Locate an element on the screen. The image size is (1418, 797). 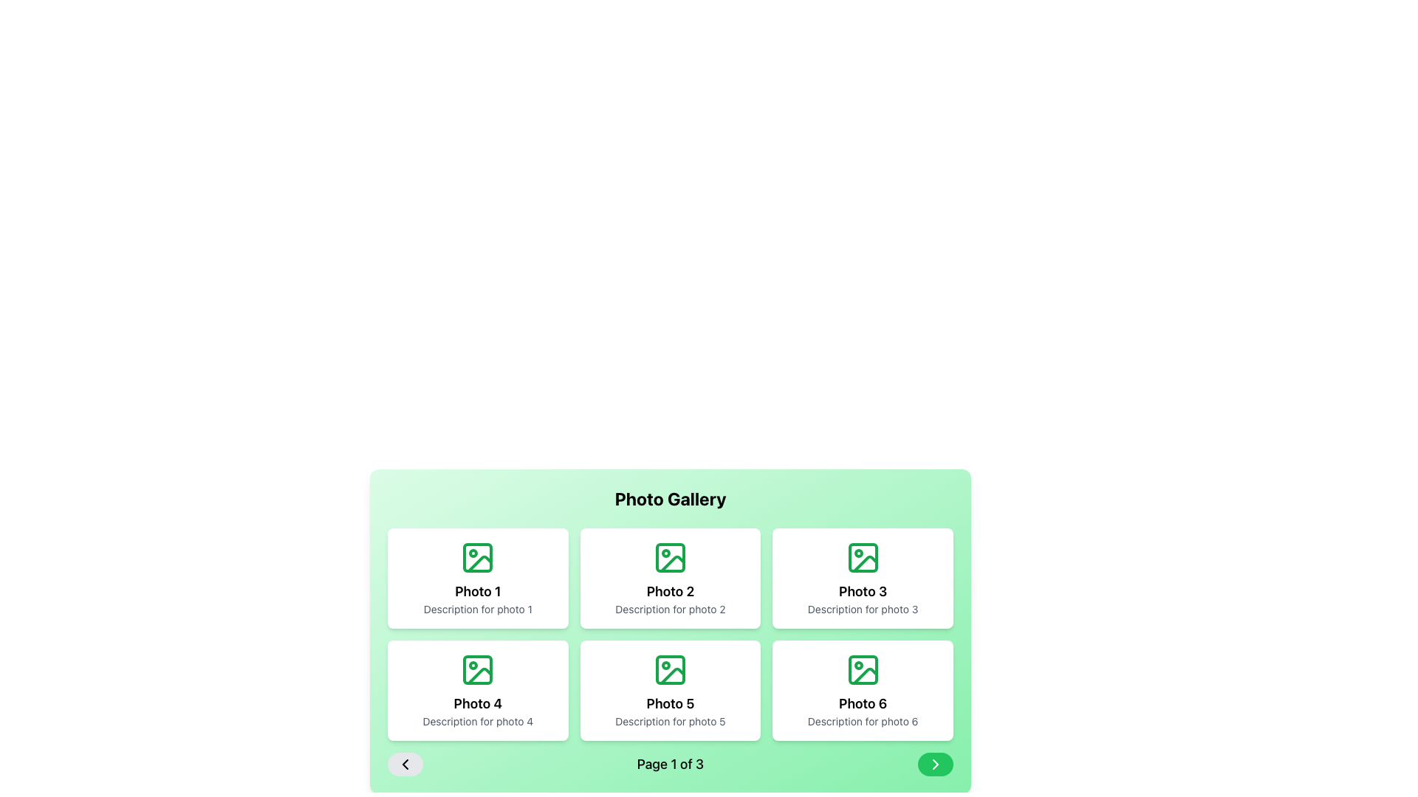
the navigation icon located in the bottom-left corner of the photo gallery interface's button is located at coordinates (405, 764).